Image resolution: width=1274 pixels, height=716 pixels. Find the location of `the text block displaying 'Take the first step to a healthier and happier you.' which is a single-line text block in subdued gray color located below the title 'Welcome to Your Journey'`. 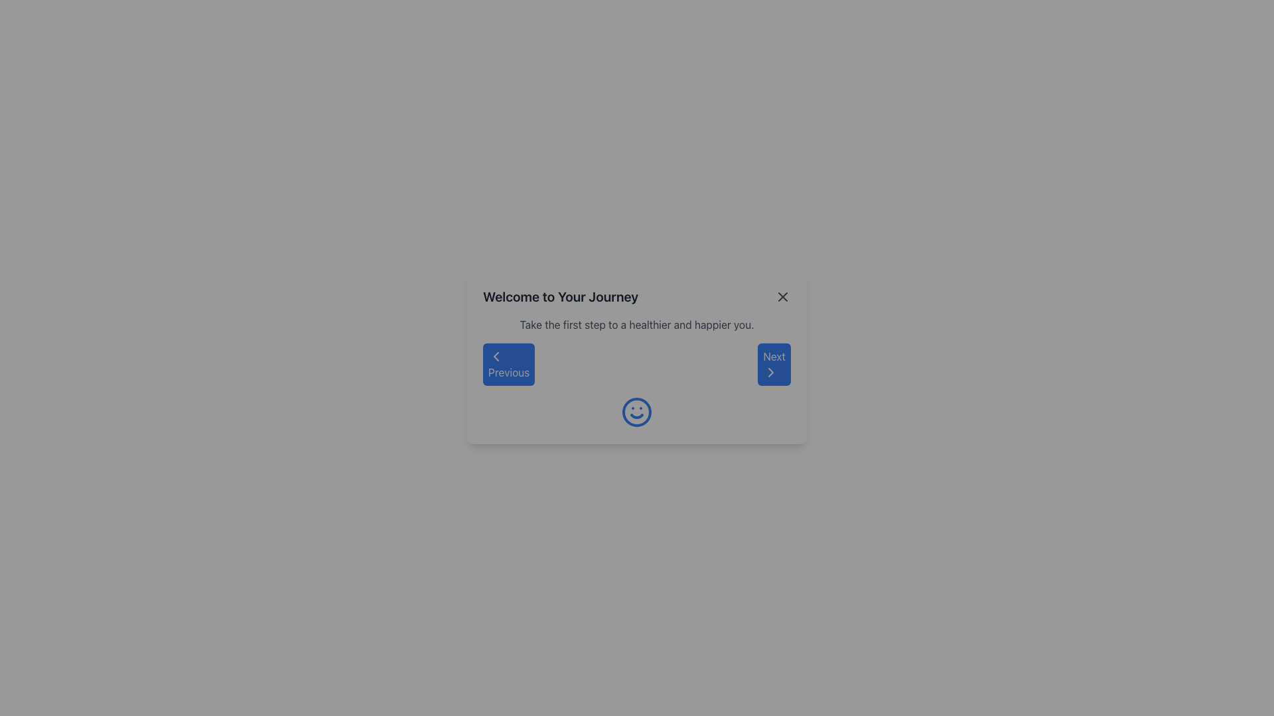

the text block displaying 'Take the first step to a healthier and happier you.' which is a single-line text block in subdued gray color located below the title 'Welcome to Your Journey' is located at coordinates (637, 324).